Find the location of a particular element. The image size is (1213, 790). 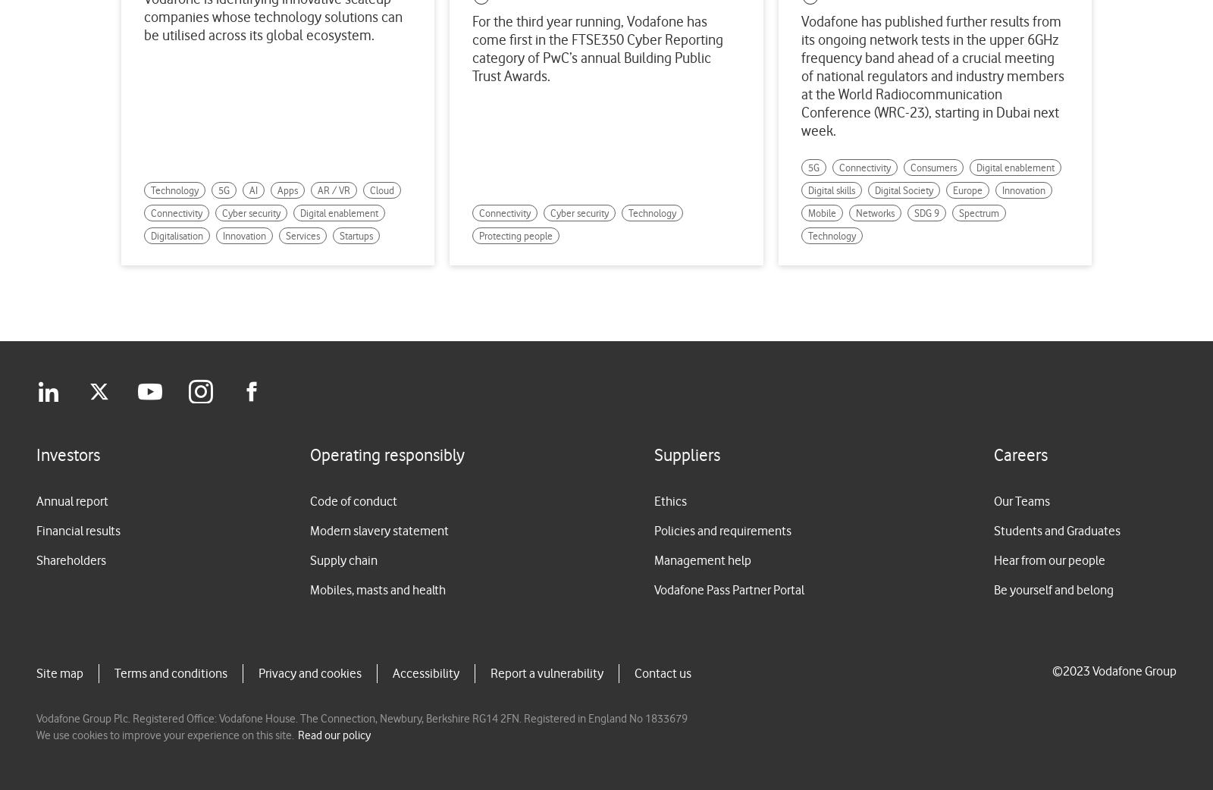

'Vodafone Group' is located at coordinates (1092, 669).